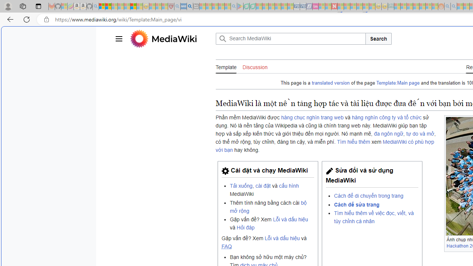 Image resolution: width=473 pixels, height=266 pixels. What do you see at coordinates (174, 38) in the screenshot?
I see `'MediaWiki'` at bounding box center [174, 38].